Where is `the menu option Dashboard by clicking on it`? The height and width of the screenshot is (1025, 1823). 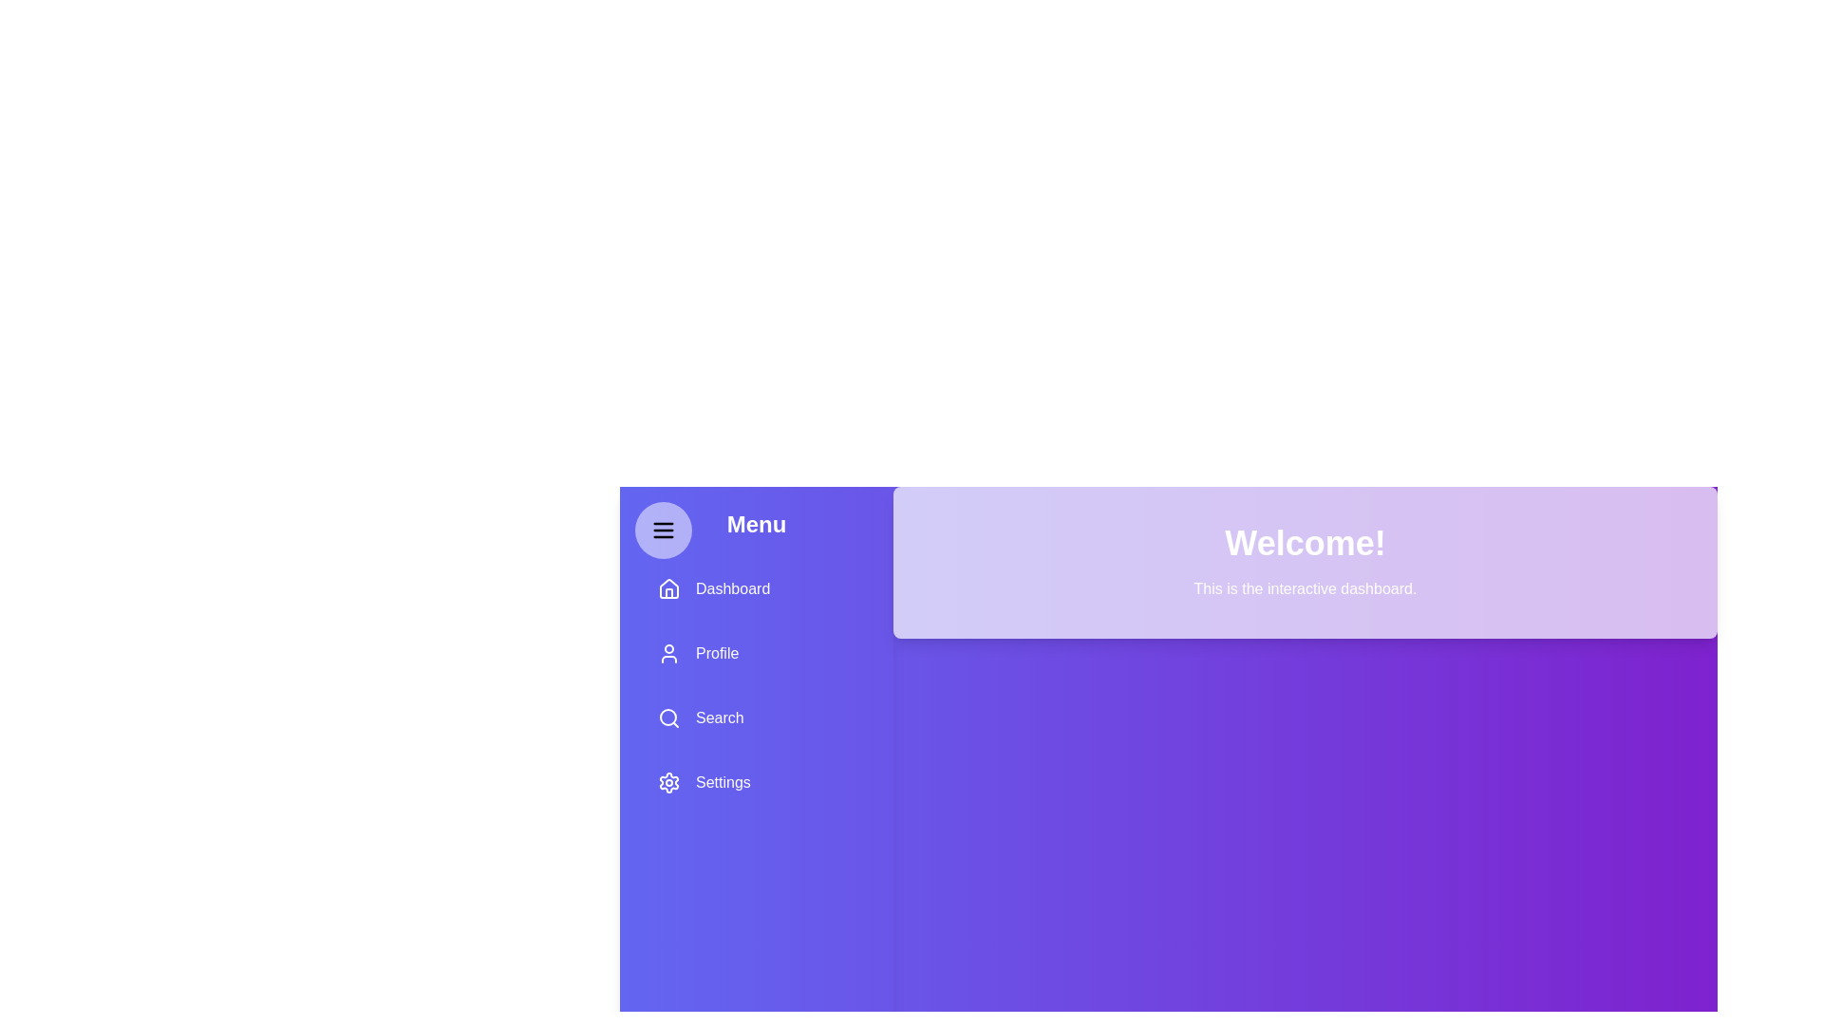 the menu option Dashboard by clicking on it is located at coordinates (755, 588).